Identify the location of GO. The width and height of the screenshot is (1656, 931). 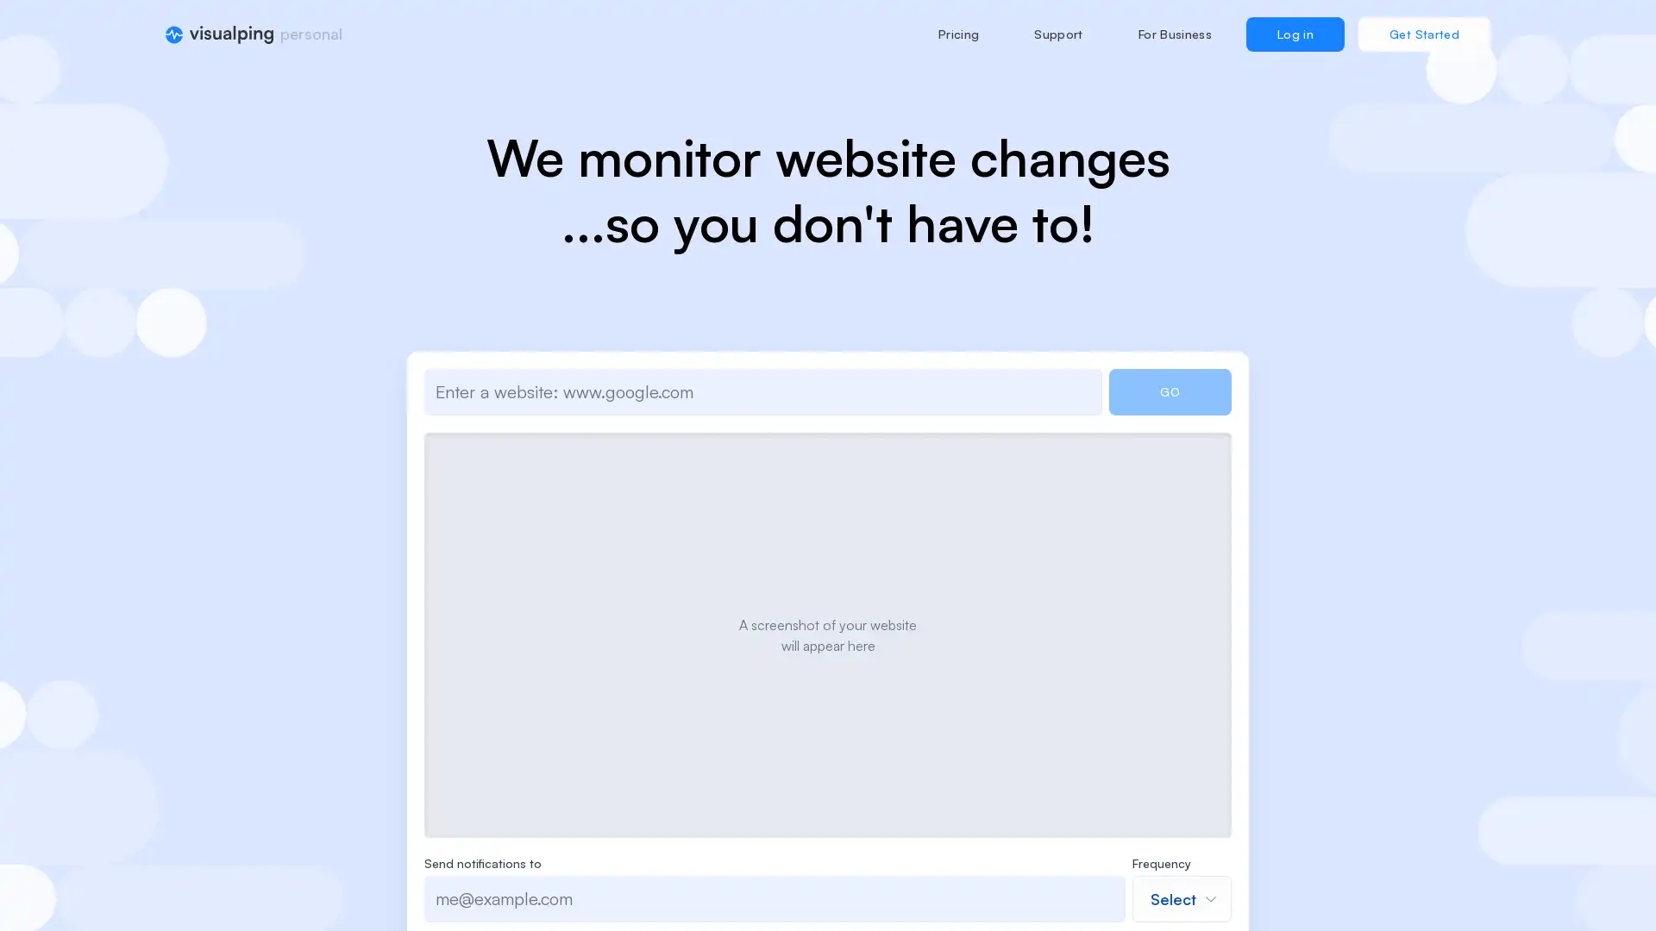
(1170, 392).